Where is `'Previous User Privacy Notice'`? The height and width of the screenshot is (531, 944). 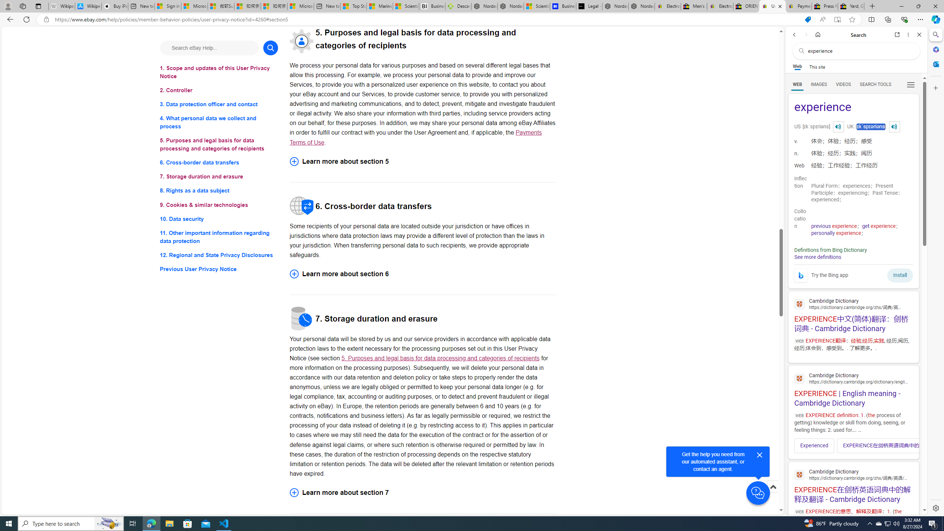
'Previous User Privacy Notice' is located at coordinates (218, 269).